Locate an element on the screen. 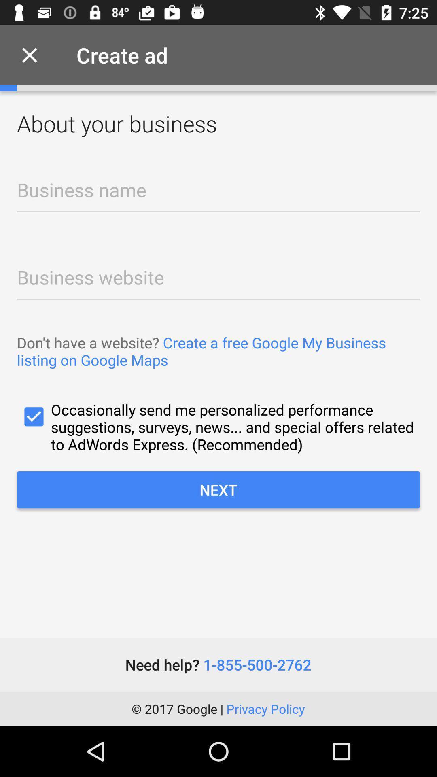 This screenshot has height=777, width=437. business website input field is located at coordinates (218, 275).